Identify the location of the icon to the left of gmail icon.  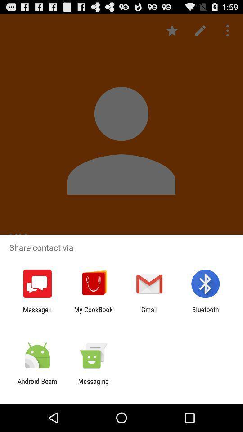
(93, 313).